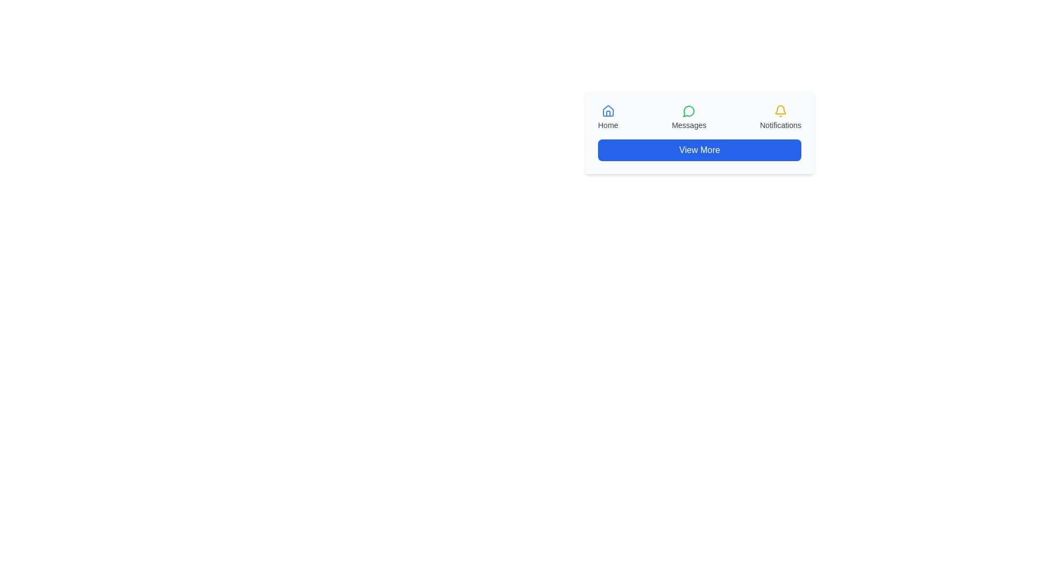 Image resolution: width=1041 pixels, height=586 pixels. What do you see at coordinates (608, 117) in the screenshot?
I see `the 'Home' button, which features a small blue house icon above the text 'Home', located at the top-left of the interface` at bounding box center [608, 117].